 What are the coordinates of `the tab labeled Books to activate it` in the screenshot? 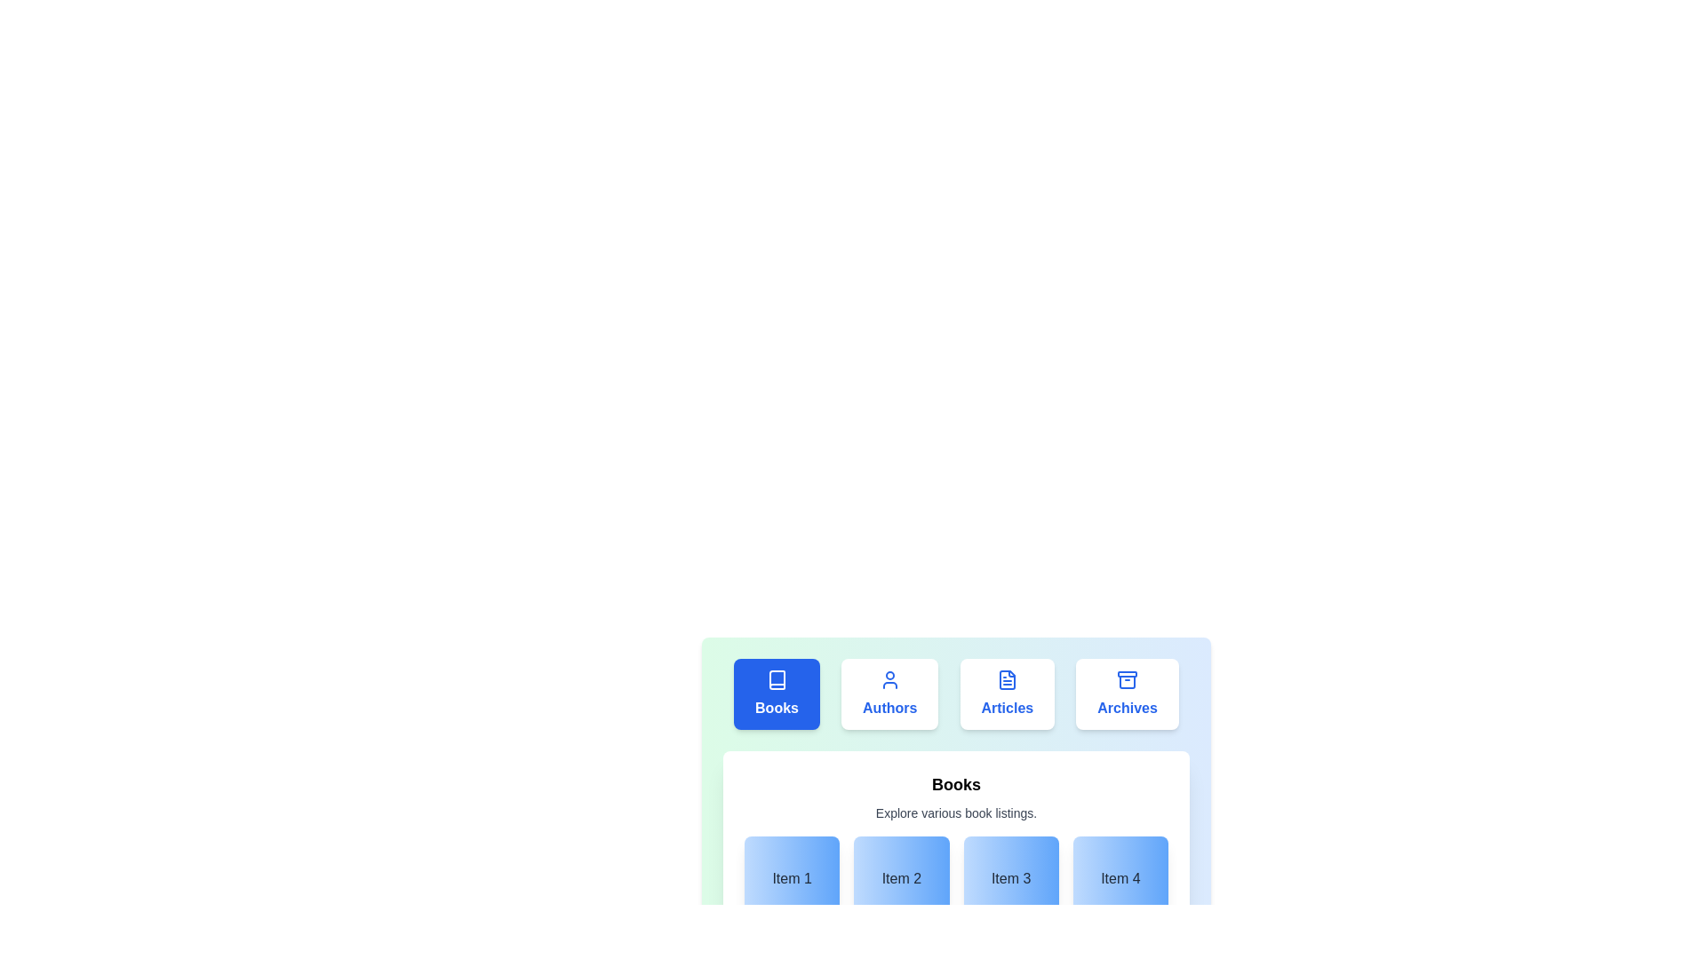 It's located at (777, 693).